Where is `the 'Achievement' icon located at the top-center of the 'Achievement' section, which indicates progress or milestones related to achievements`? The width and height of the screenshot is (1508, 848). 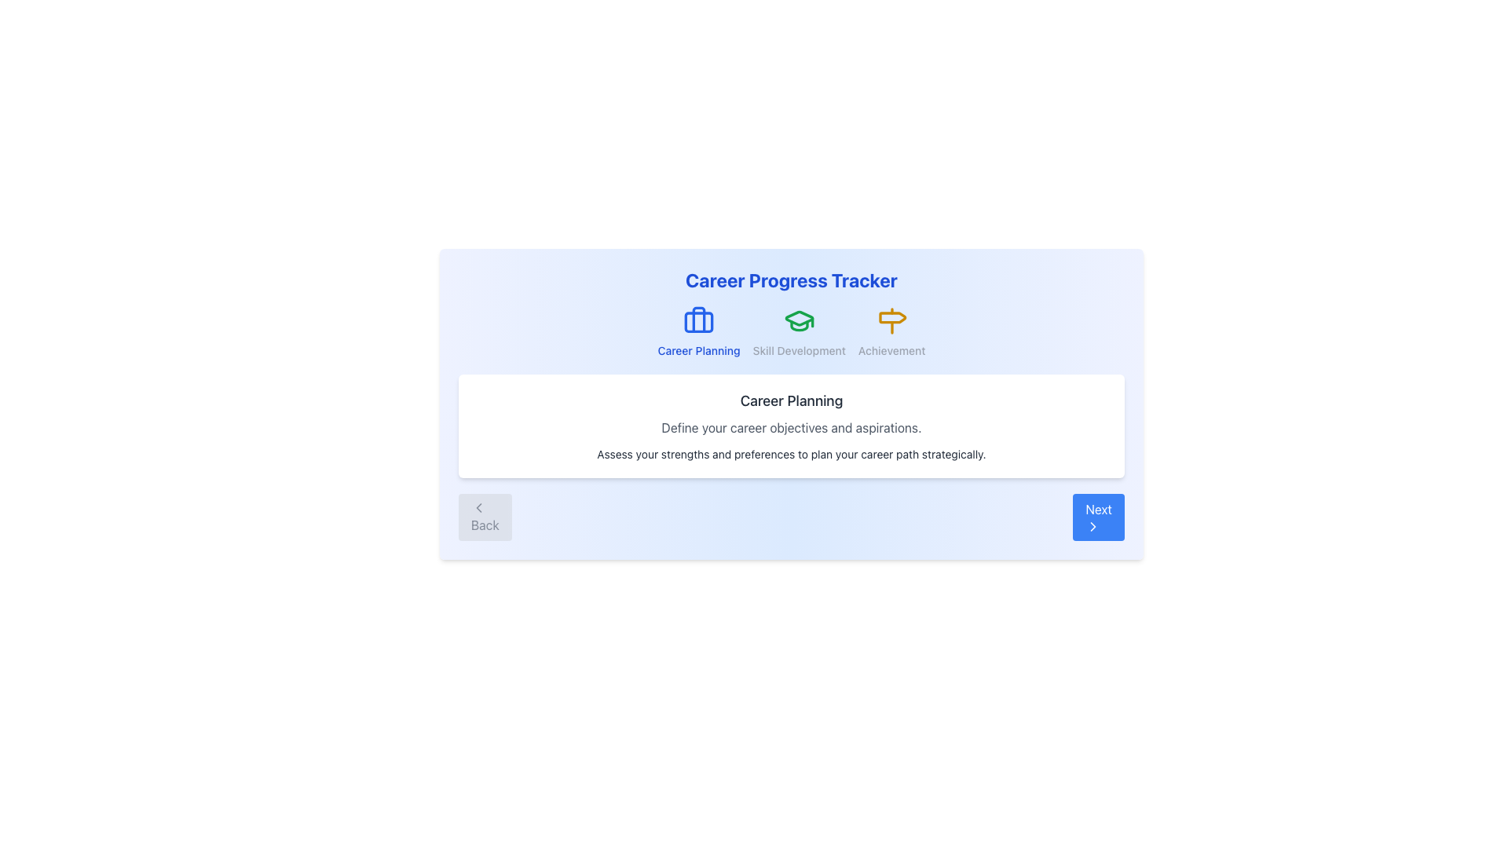 the 'Achievement' icon located at the top-center of the 'Achievement' section, which indicates progress or milestones related to achievements is located at coordinates (891, 320).